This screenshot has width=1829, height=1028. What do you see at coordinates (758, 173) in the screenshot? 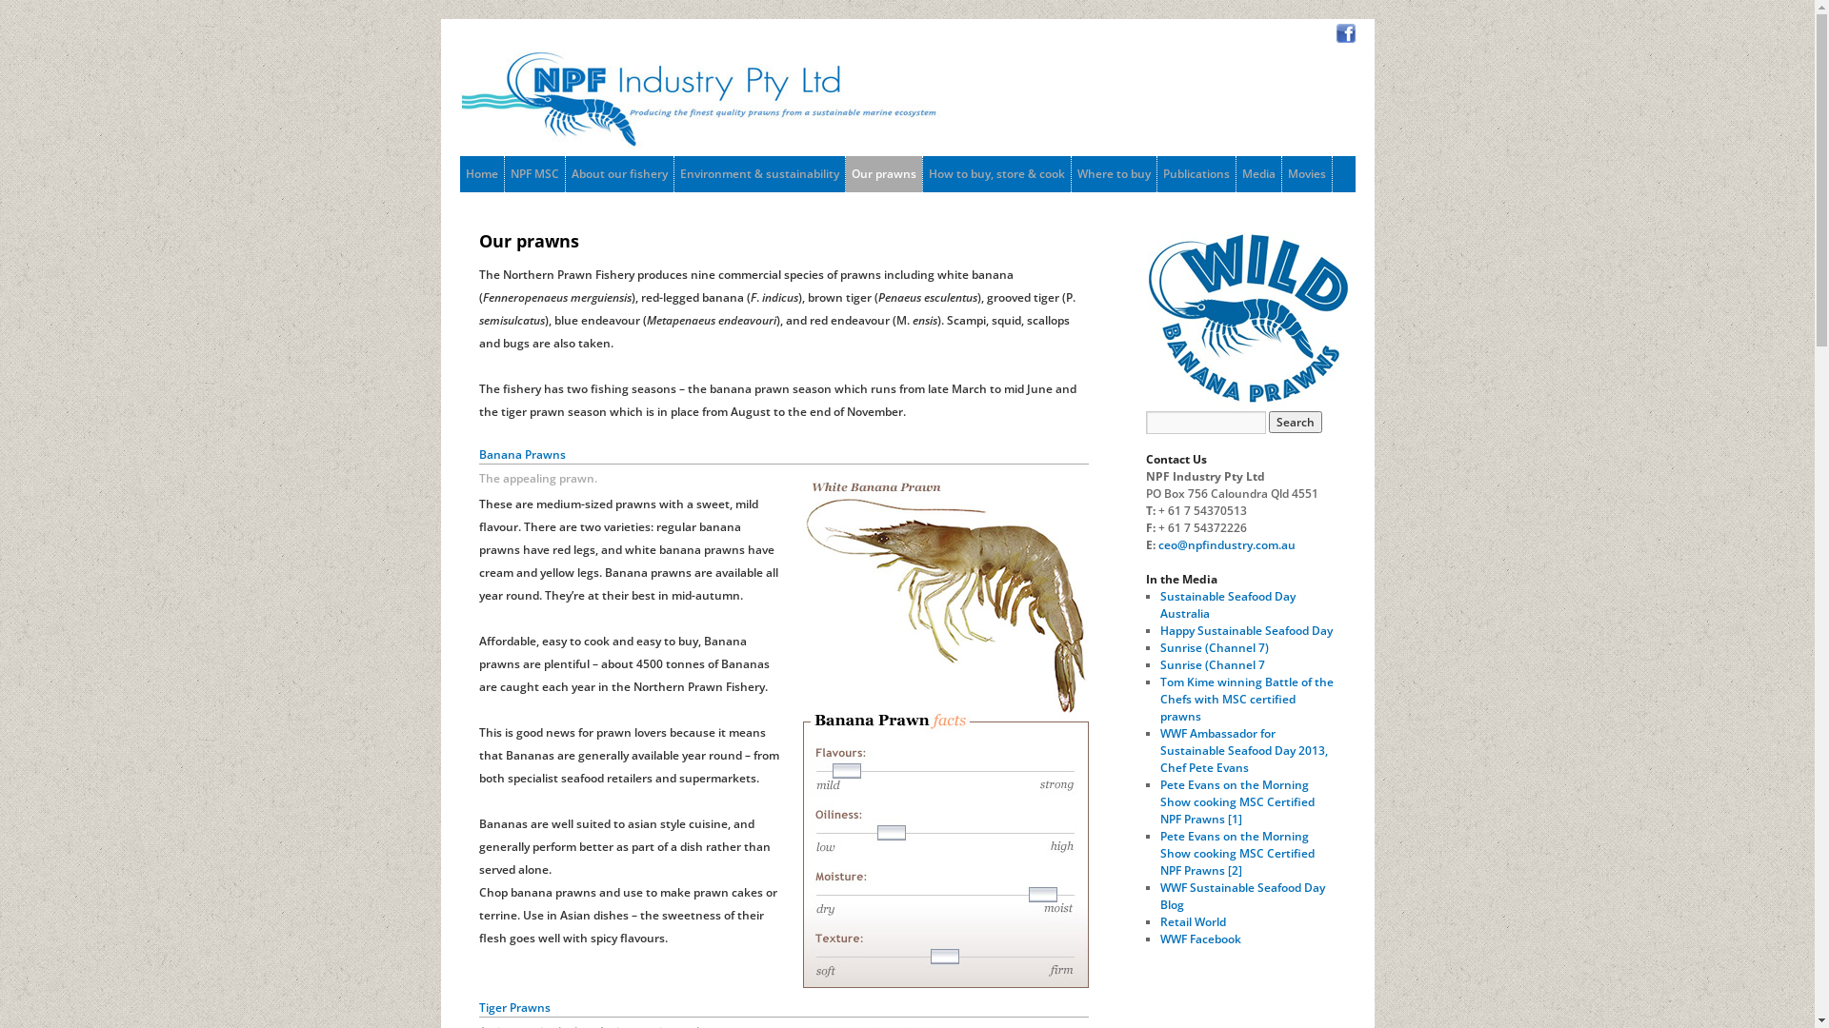
I see `'Environment & sustainability'` at bounding box center [758, 173].